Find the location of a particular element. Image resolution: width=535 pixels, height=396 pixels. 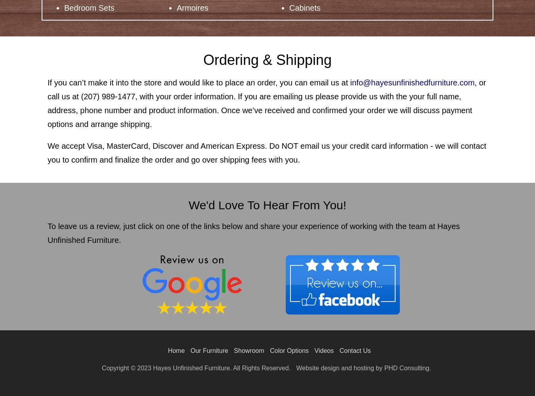

'We accept Visa, MasterCard, Discover and American Express. Do NOT email us your credit card information - we will contact you to confirm and finalize the order 
                        and go over shipping fees with you.' is located at coordinates (48, 152).